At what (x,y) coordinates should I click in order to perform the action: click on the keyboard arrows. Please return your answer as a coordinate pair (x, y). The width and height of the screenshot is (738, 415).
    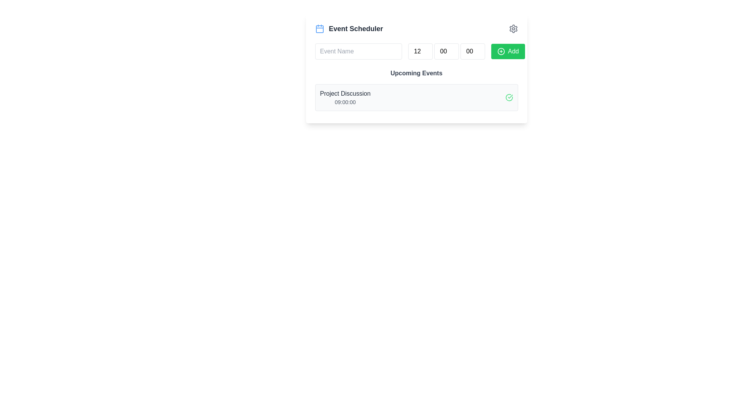
    Looking at the image, I should click on (416, 51).